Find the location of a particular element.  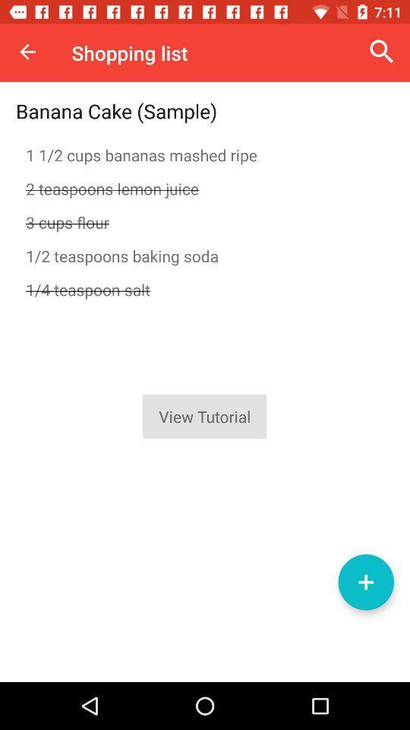

item at the top right corner is located at coordinates (381, 52).